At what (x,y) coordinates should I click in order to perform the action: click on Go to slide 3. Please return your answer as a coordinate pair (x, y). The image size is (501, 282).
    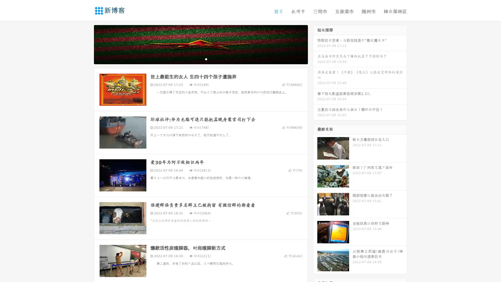
    Looking at the image, I should click on (206, 59).